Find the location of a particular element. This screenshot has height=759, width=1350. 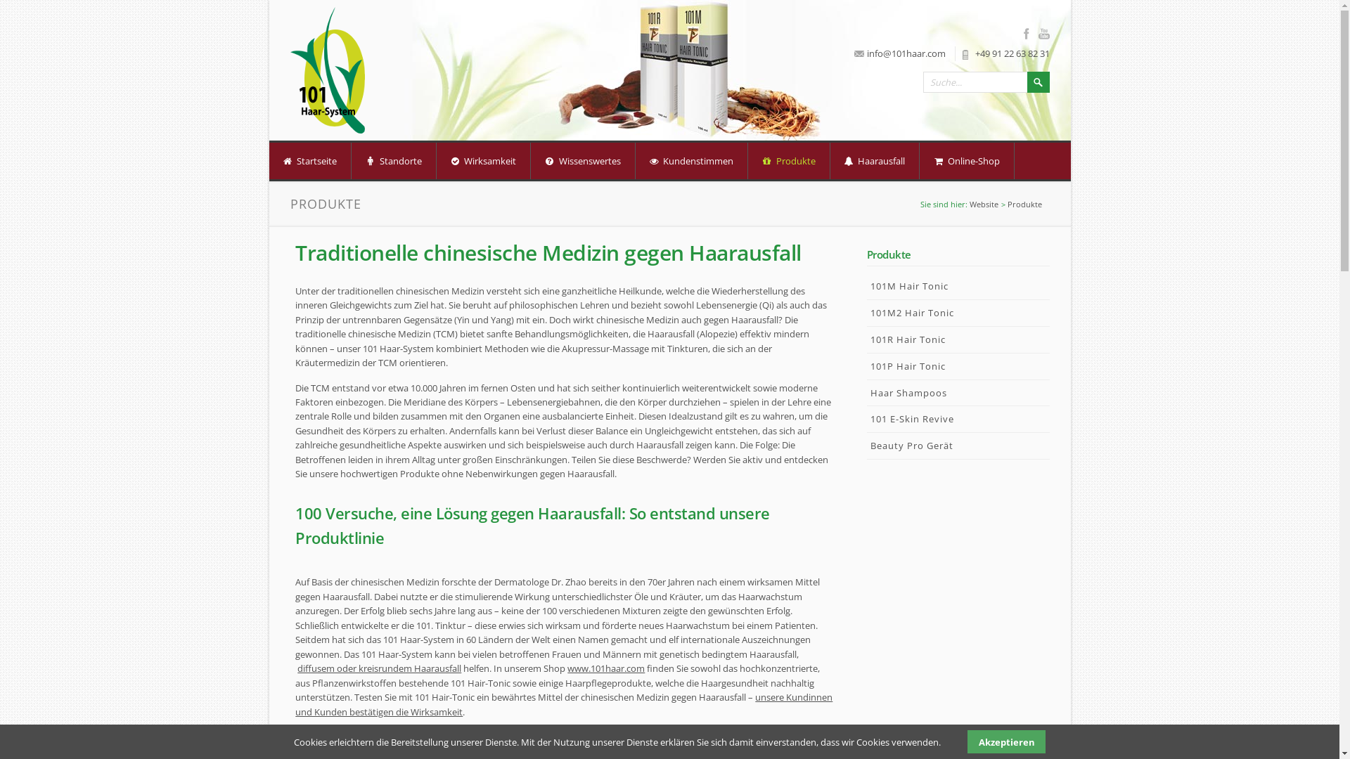

'Online-Shop' is located at coordinates (965, 160).